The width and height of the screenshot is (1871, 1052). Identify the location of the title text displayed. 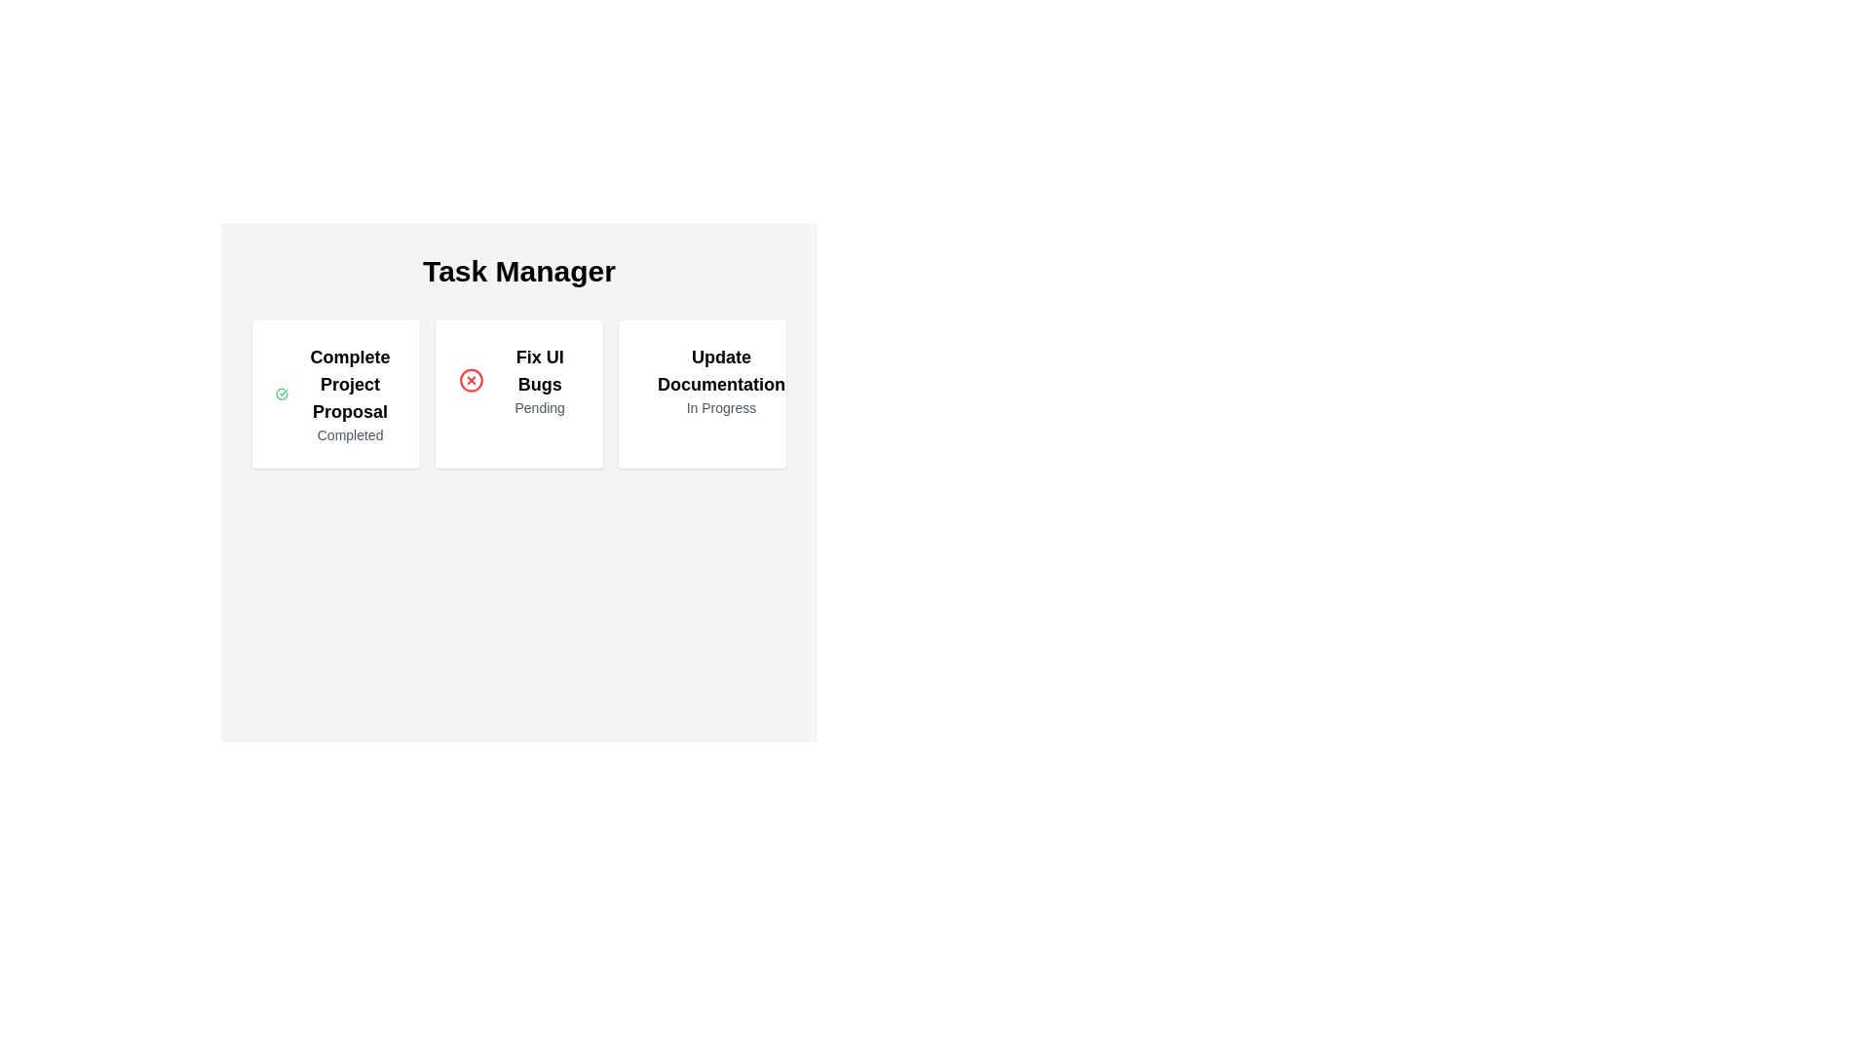
(540, 371).